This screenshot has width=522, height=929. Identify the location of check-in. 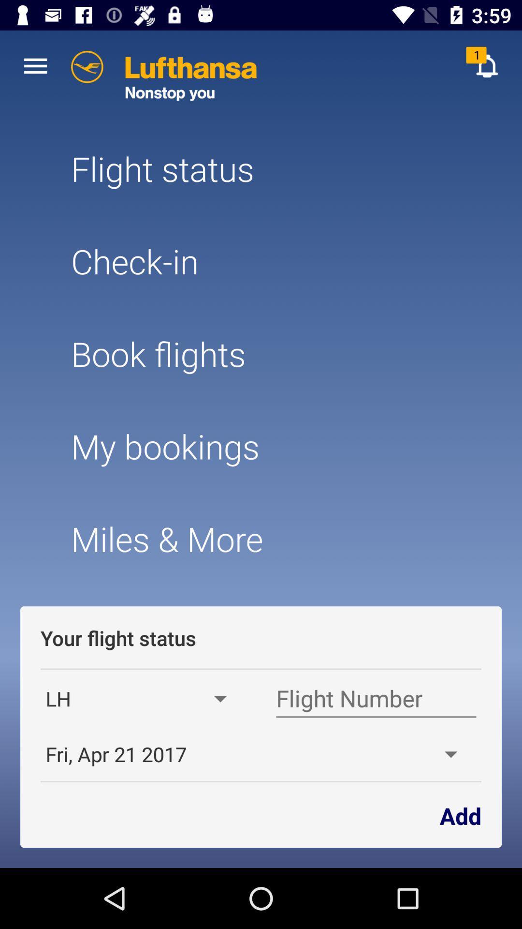
(261, 261).